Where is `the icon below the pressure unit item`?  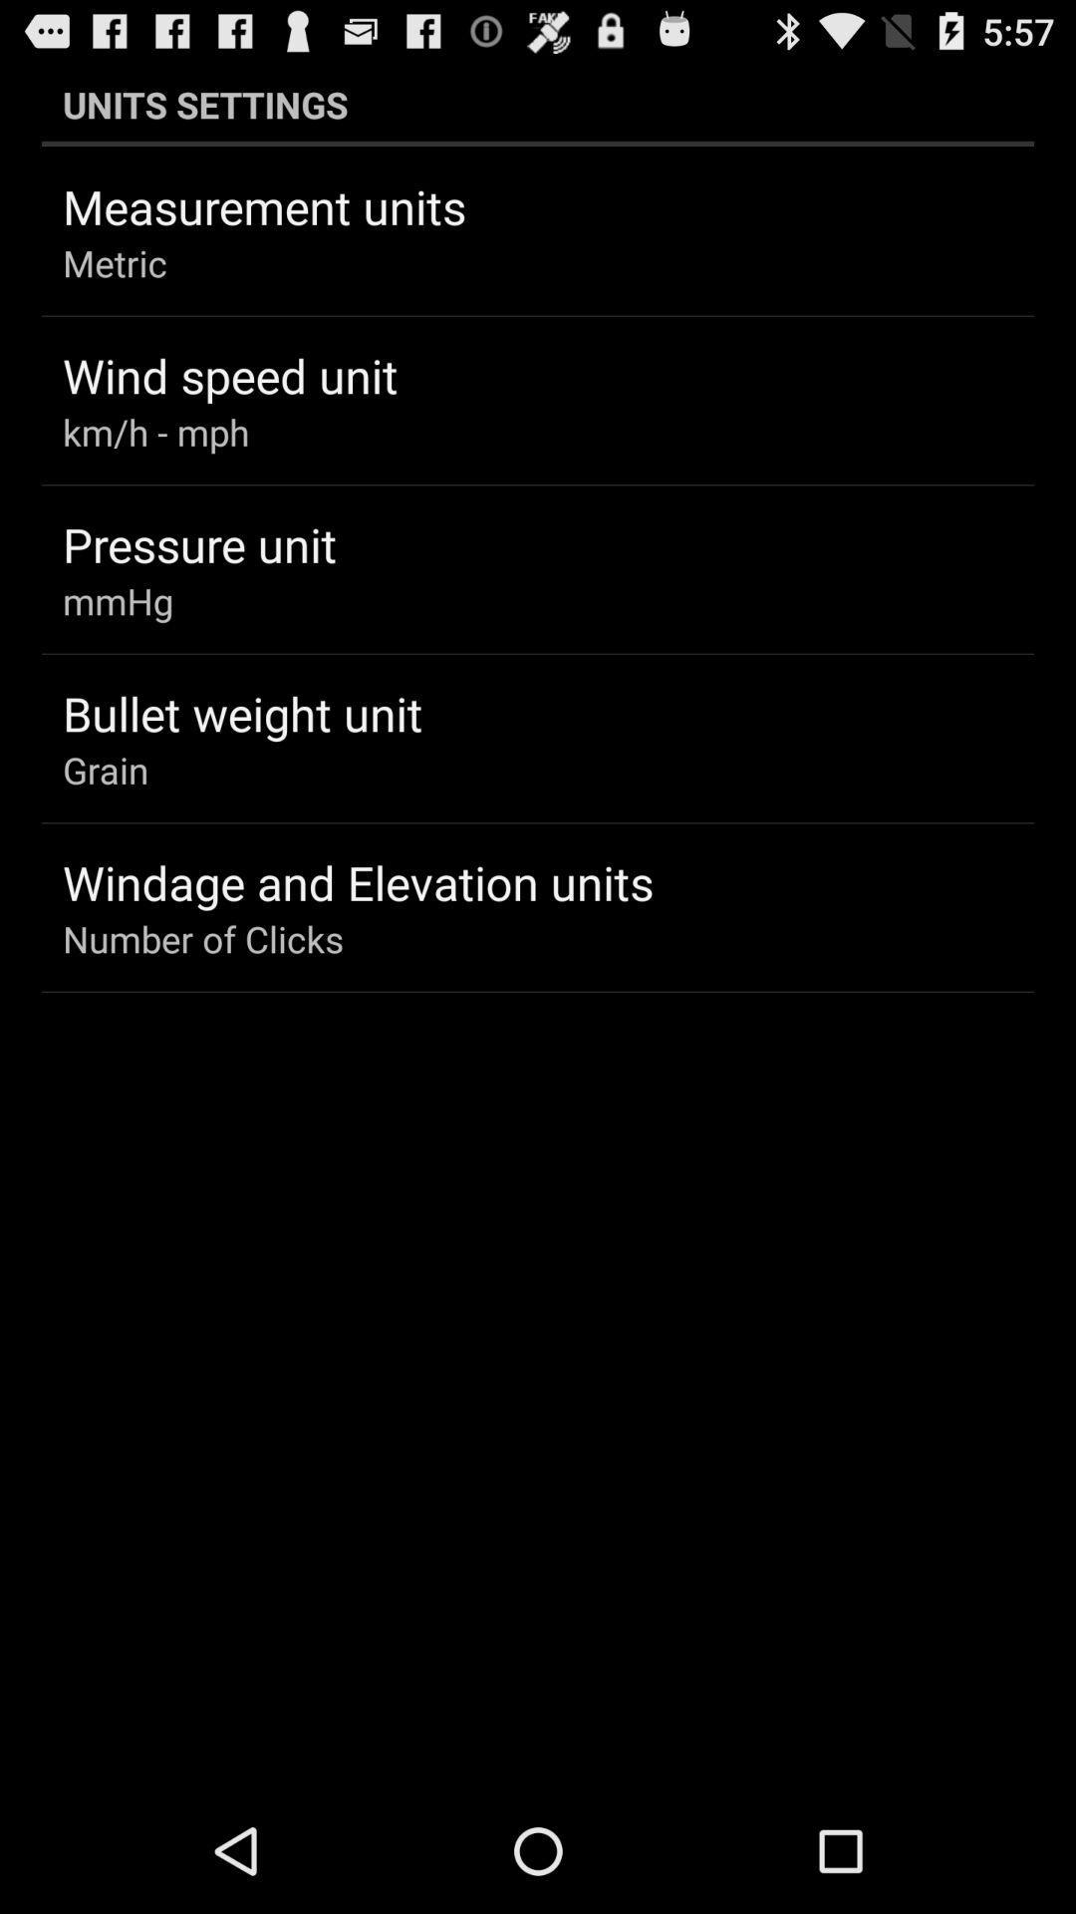 the icon below the pressure unit item is located at coordinates (118, 600).